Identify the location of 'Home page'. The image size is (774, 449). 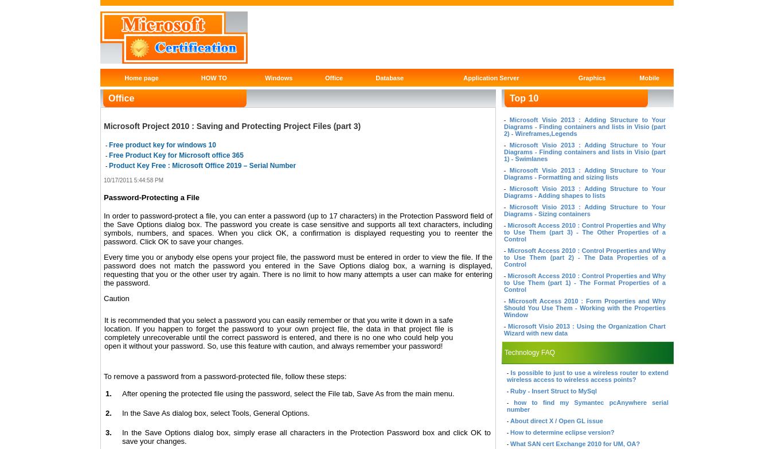
(140, 77).